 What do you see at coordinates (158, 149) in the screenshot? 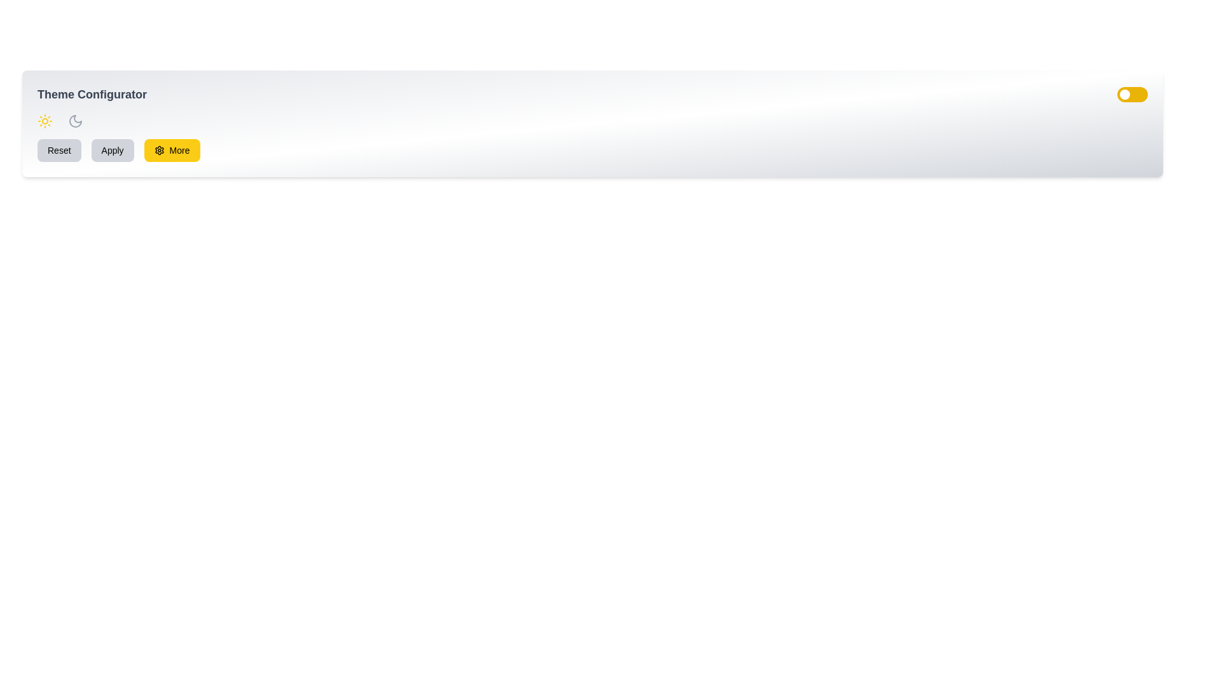
I see `the cogwheel icon located within the 'More' button, which has a vibrant yellow background and is part of a horizontal group of action buttons` at bounding box center [158, 149].